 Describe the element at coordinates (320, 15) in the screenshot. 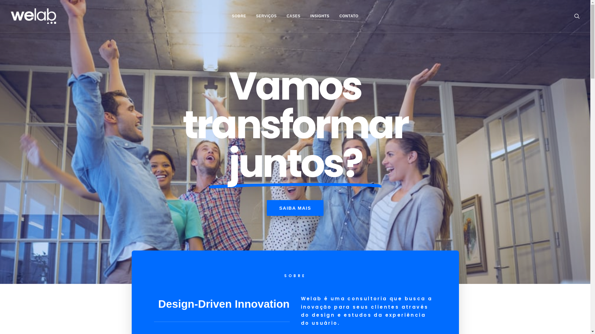

I see `'INSIGHTS'` at that location.